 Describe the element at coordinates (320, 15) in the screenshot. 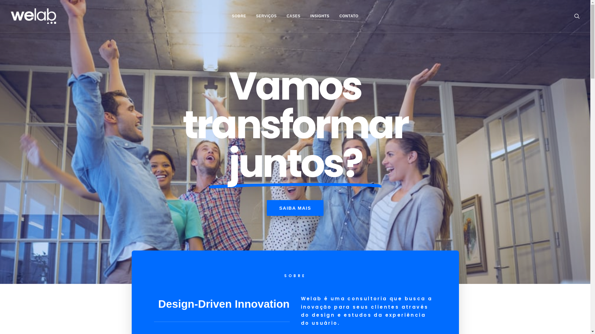

I see `'INSIGHTS'` at that location.